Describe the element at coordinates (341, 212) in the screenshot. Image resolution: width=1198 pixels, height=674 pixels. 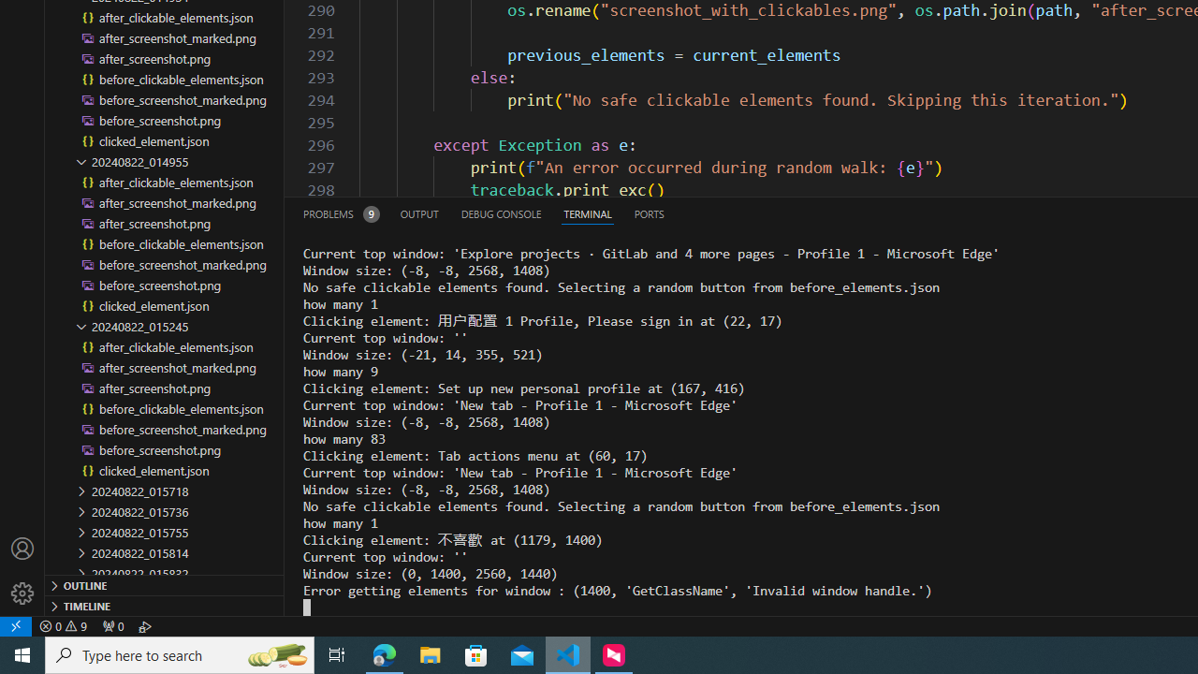
I see `'Problems (Ctrl+Shift+M) - Total 9 Problems'` at that location.